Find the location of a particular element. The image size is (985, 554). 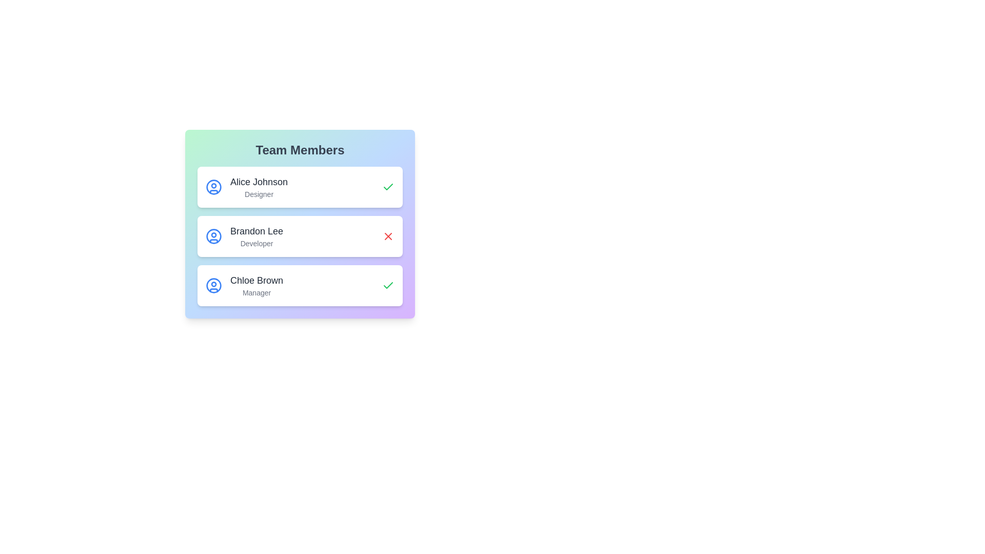

the status icon for Brandon Lee to inspect their online/offline status is located at coordinates (388, 236).